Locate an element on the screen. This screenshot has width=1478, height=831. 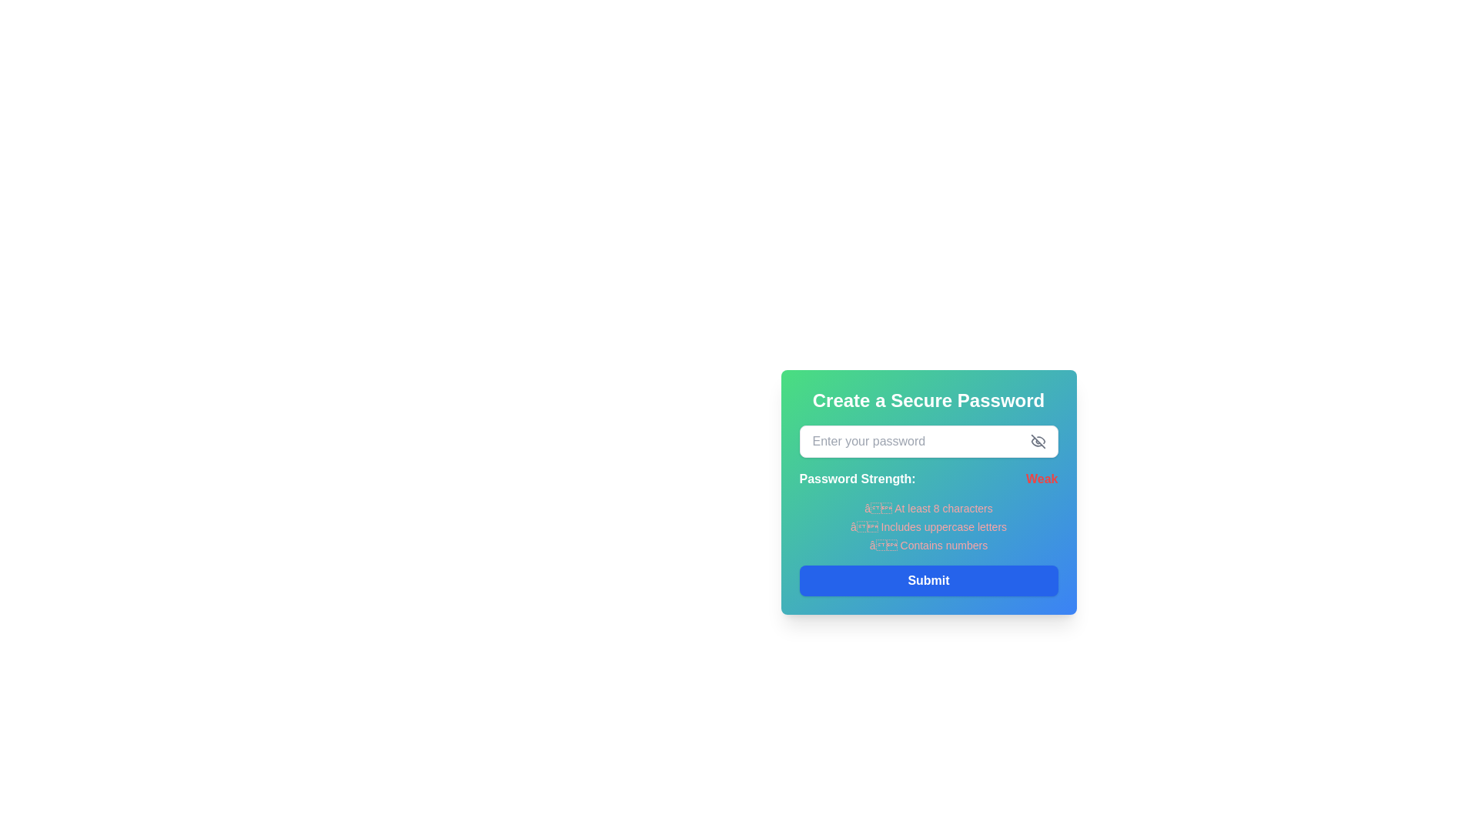
the text label that reads 'Contains numbers', styled with a red hue, located in the password strength validation section, positioned below 'Includes uppercase letters' is located at coordinates (928, 545).